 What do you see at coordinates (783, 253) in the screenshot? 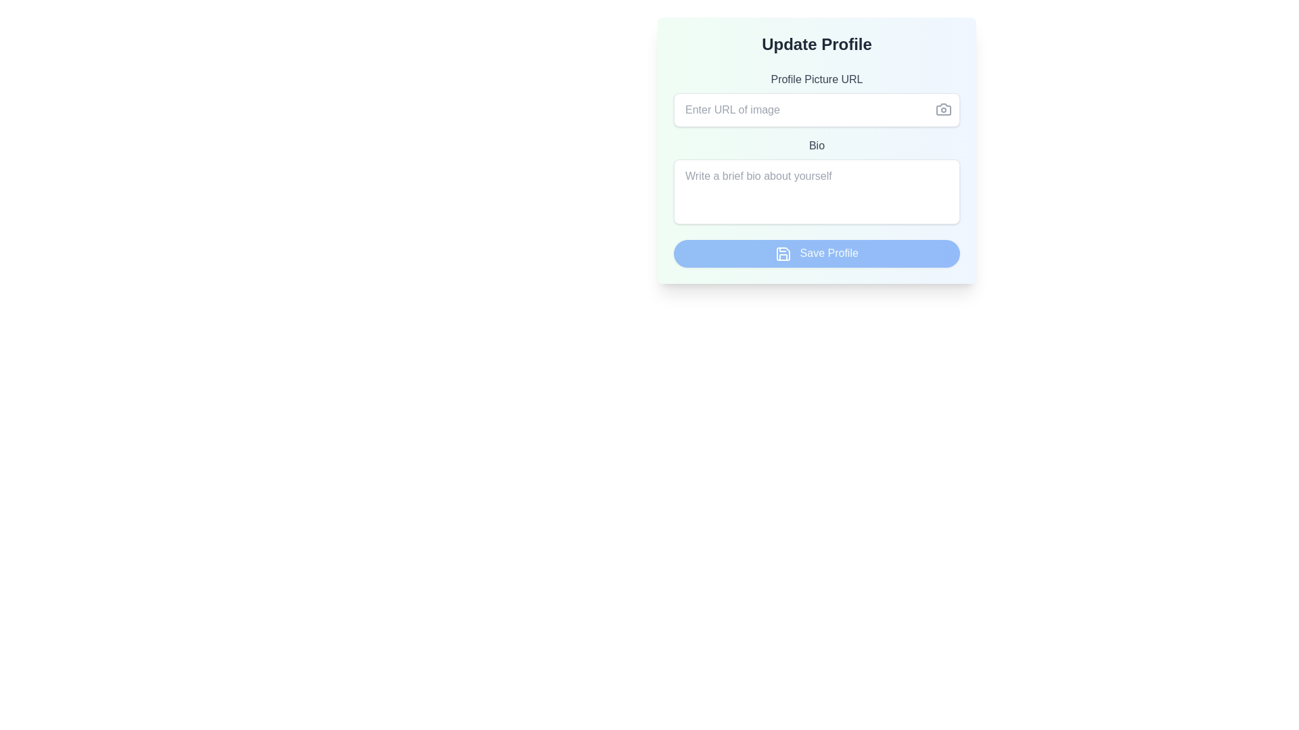
I see `the save icon, which is a compact outlined representation of a floppy disk styled in white on a blue background, located to the left of the 'Save Profile' button text` at bounding box center [783, 253].